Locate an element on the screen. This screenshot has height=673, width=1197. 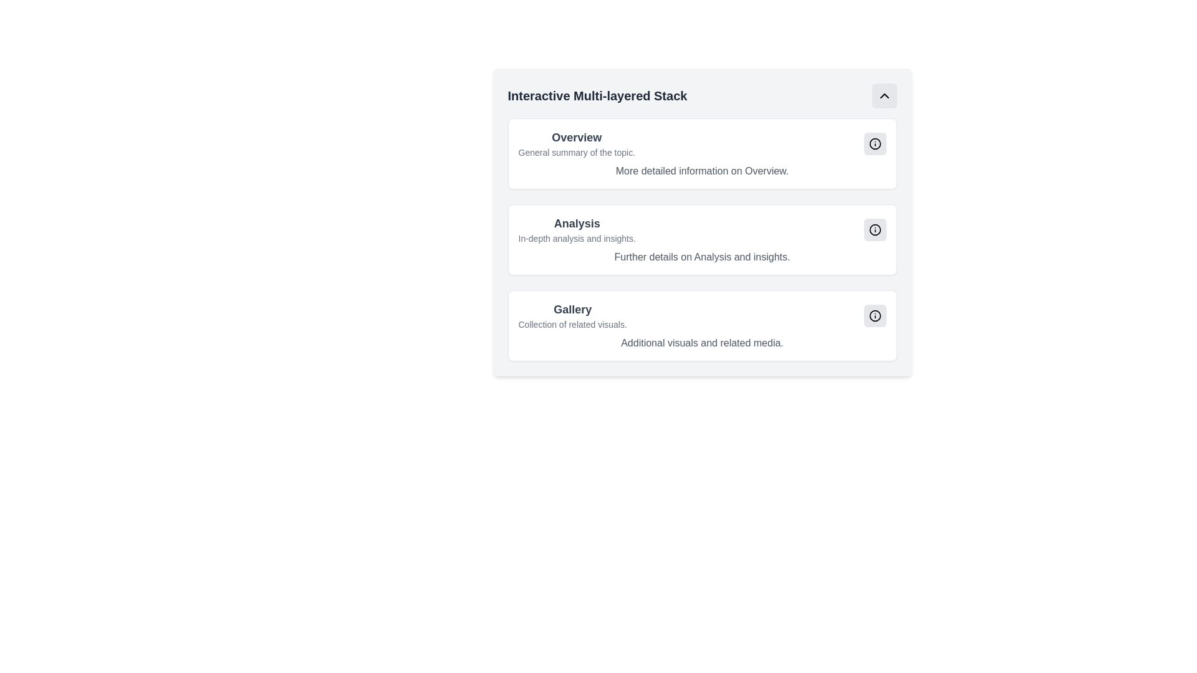
the circular informational button with an 'i' symbol, located to the far right within the 'Gallery' section is located at coordinates (874, 315).